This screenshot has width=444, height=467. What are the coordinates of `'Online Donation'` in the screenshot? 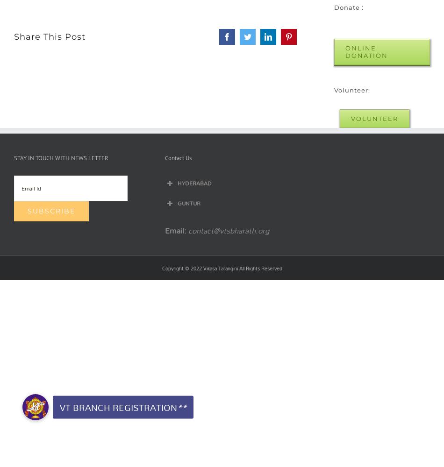 It's located at (366, 51).